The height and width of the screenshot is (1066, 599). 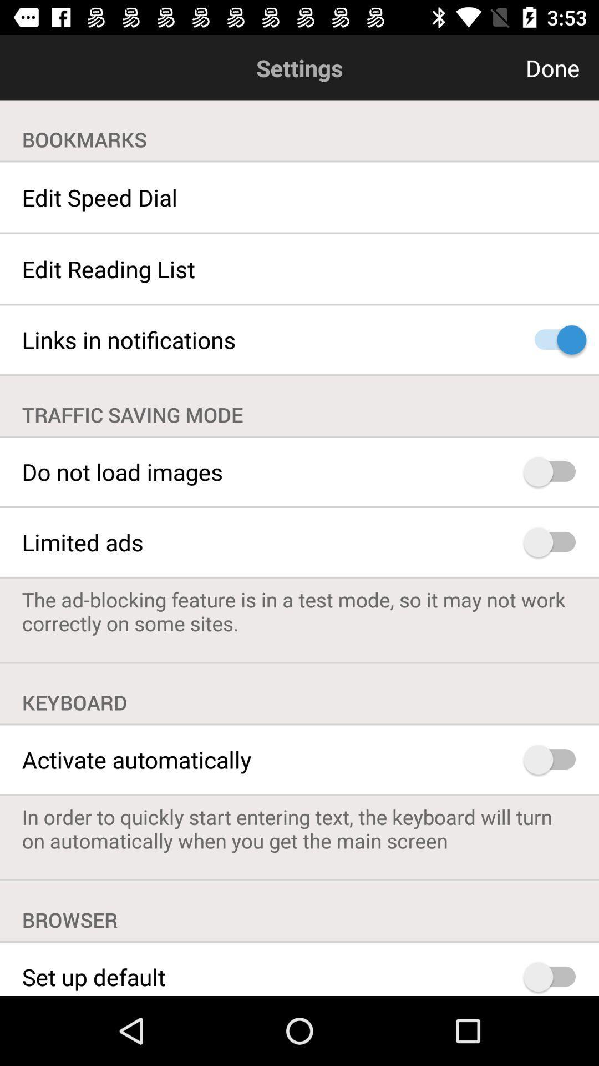 What do you see at coordinates (299, 269) in the screenshot?
I see `the edit reading list item` at bounding box center [299, 269].